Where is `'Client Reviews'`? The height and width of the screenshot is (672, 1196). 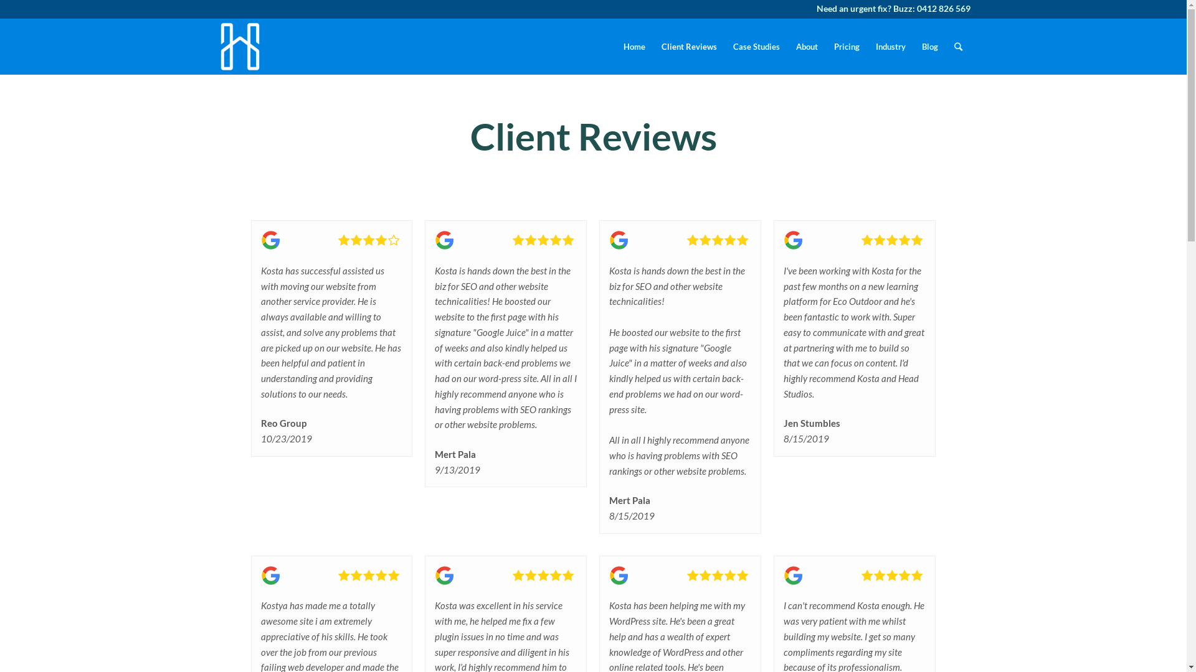 'Client Reviews' is located at coordinates (688, 45).